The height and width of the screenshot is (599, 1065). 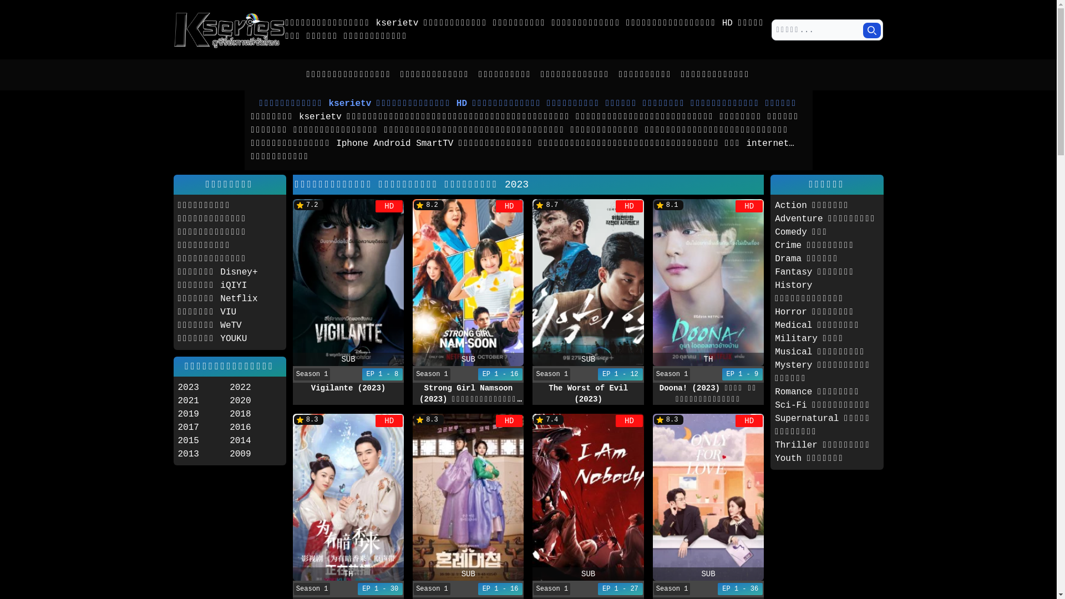 I want to click on '2014', so click(x=255, y=440).